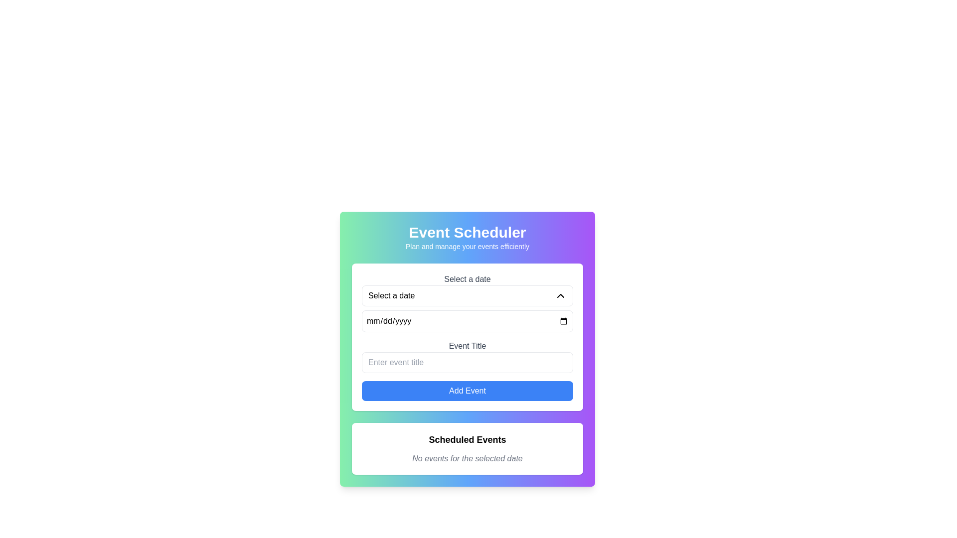  I want to click on the Text label that serves as a heading for the date selection interface, which is positioned above the dropdown and date input field in the 'Select a date' grouping, so click(467, 279).